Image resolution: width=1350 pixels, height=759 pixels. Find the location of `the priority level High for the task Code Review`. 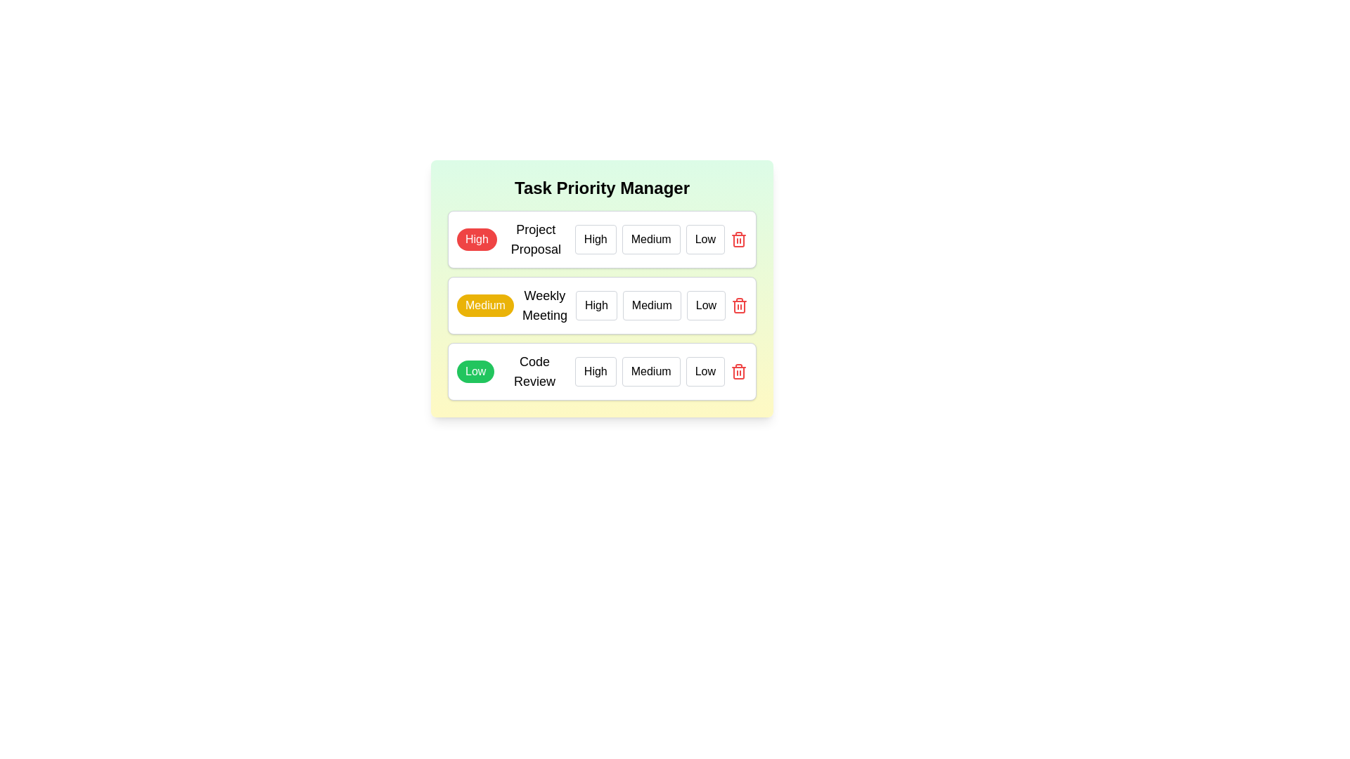

the priority level High for the task Code Review is located at coordinates (595, 370).